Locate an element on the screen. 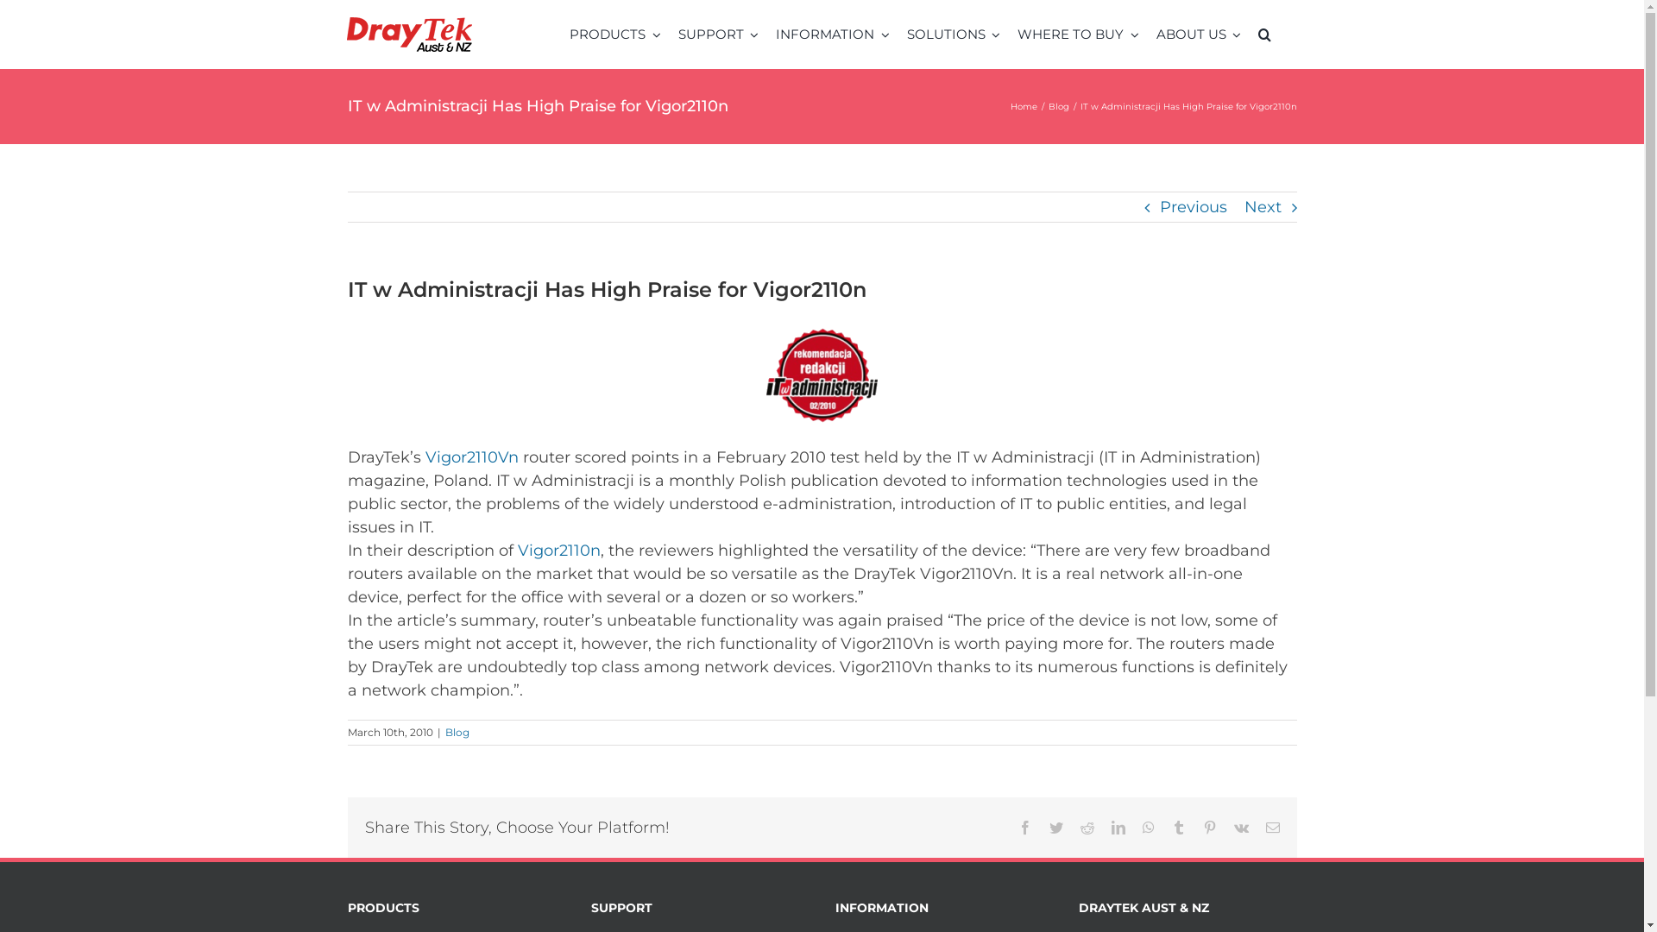  'SUPPORT' is located at coordinates (719, 34).